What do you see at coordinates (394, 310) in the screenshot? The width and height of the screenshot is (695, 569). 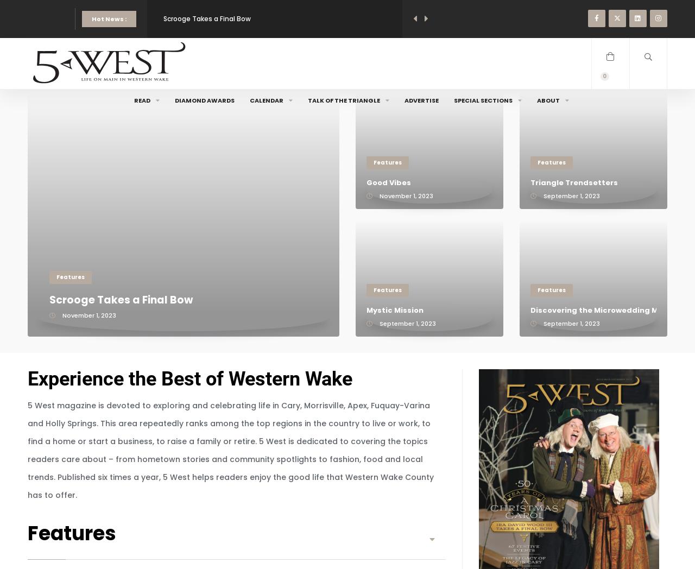 I see `'Mystic Mission'` at bounding box center [394, 310].